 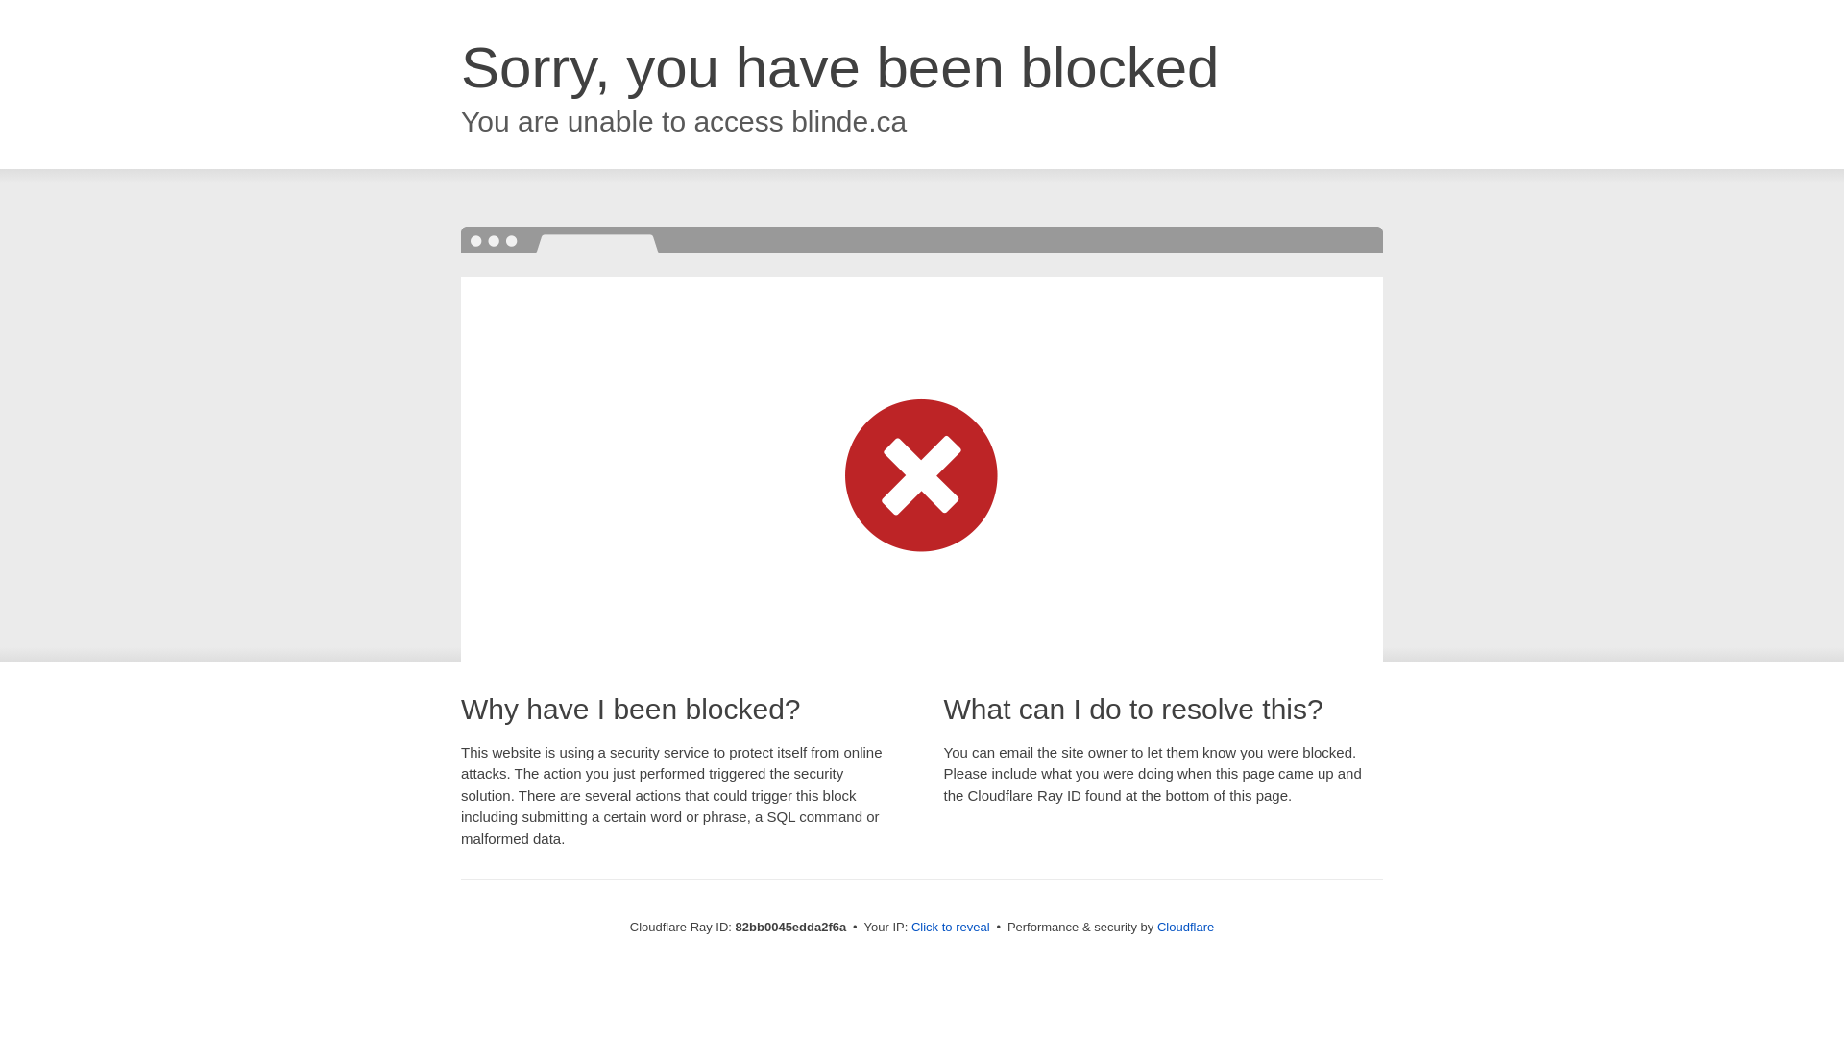 What do you see at coordinates (1184, 926) in the screenshot?
I see `'Cloudflare'` at bounding box center [1184, 926].